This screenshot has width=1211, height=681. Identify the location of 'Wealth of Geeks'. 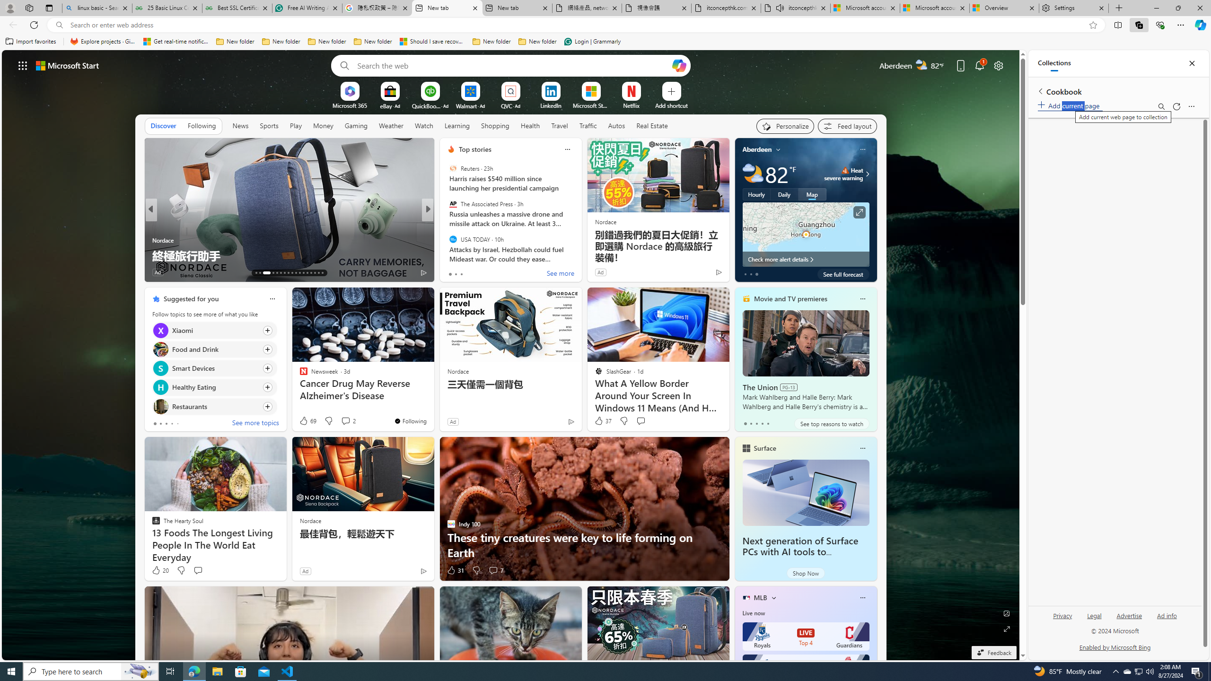
(447, 239).